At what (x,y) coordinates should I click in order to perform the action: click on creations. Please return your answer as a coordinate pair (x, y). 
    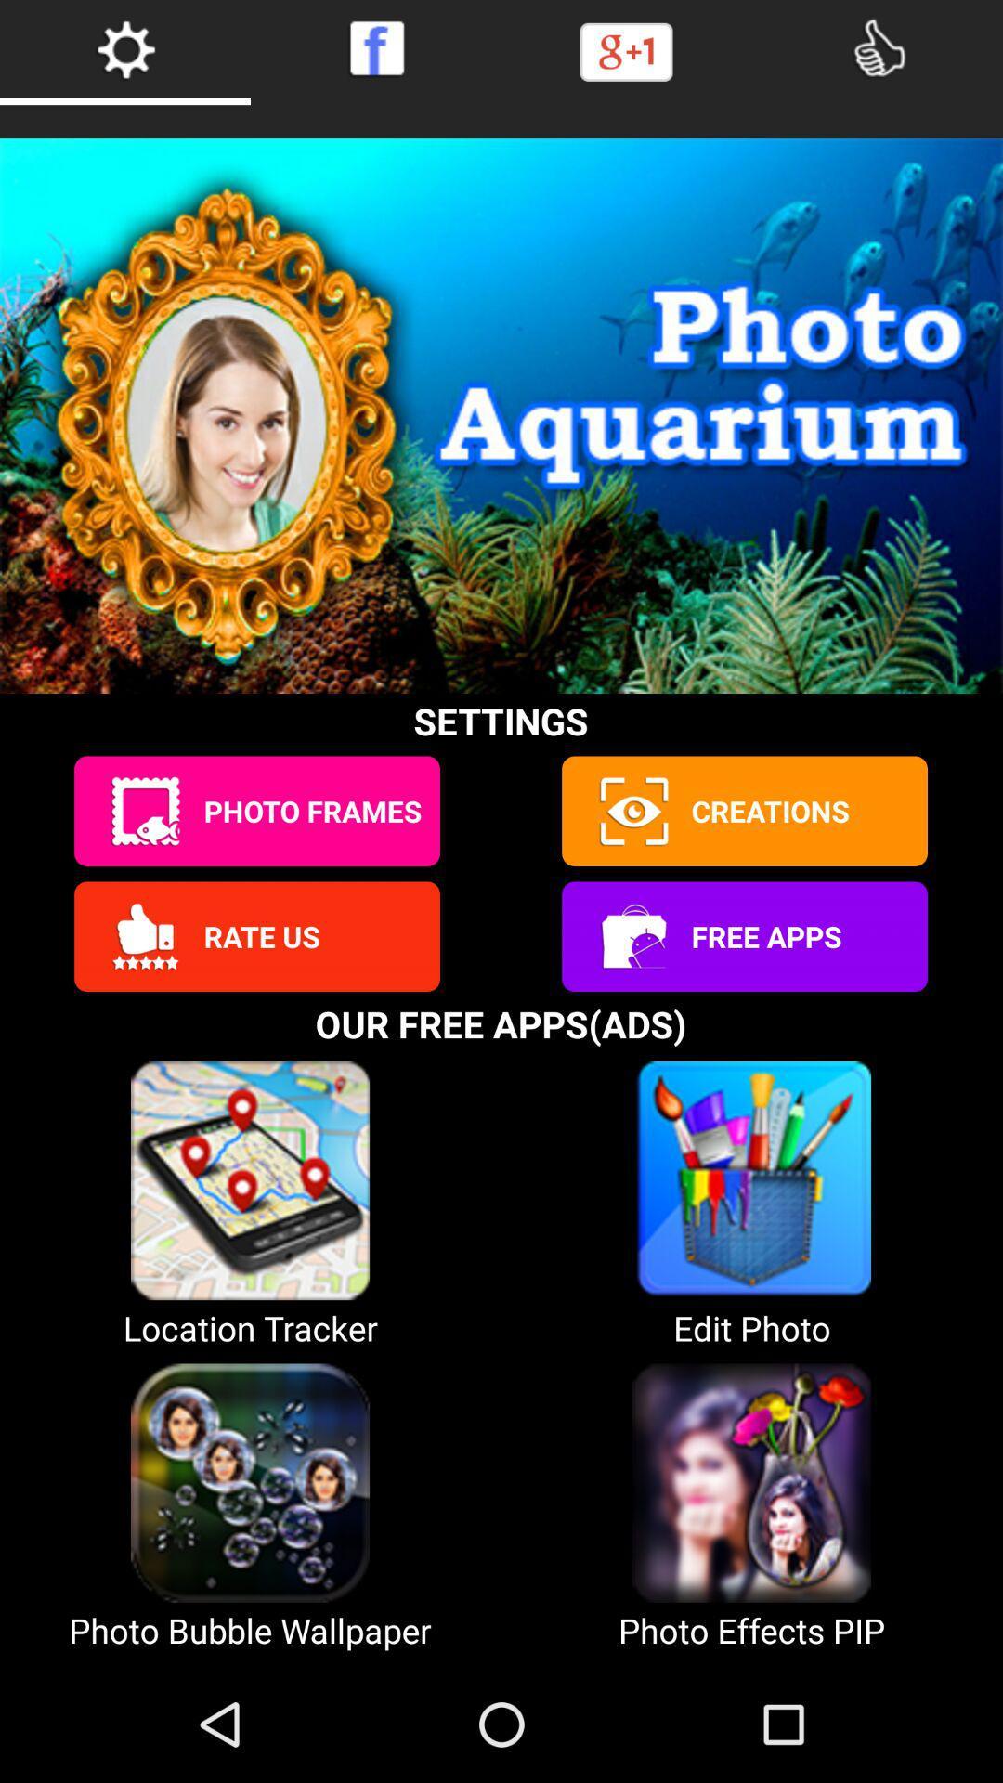
    Looking at the image, I should click on (632, 811).